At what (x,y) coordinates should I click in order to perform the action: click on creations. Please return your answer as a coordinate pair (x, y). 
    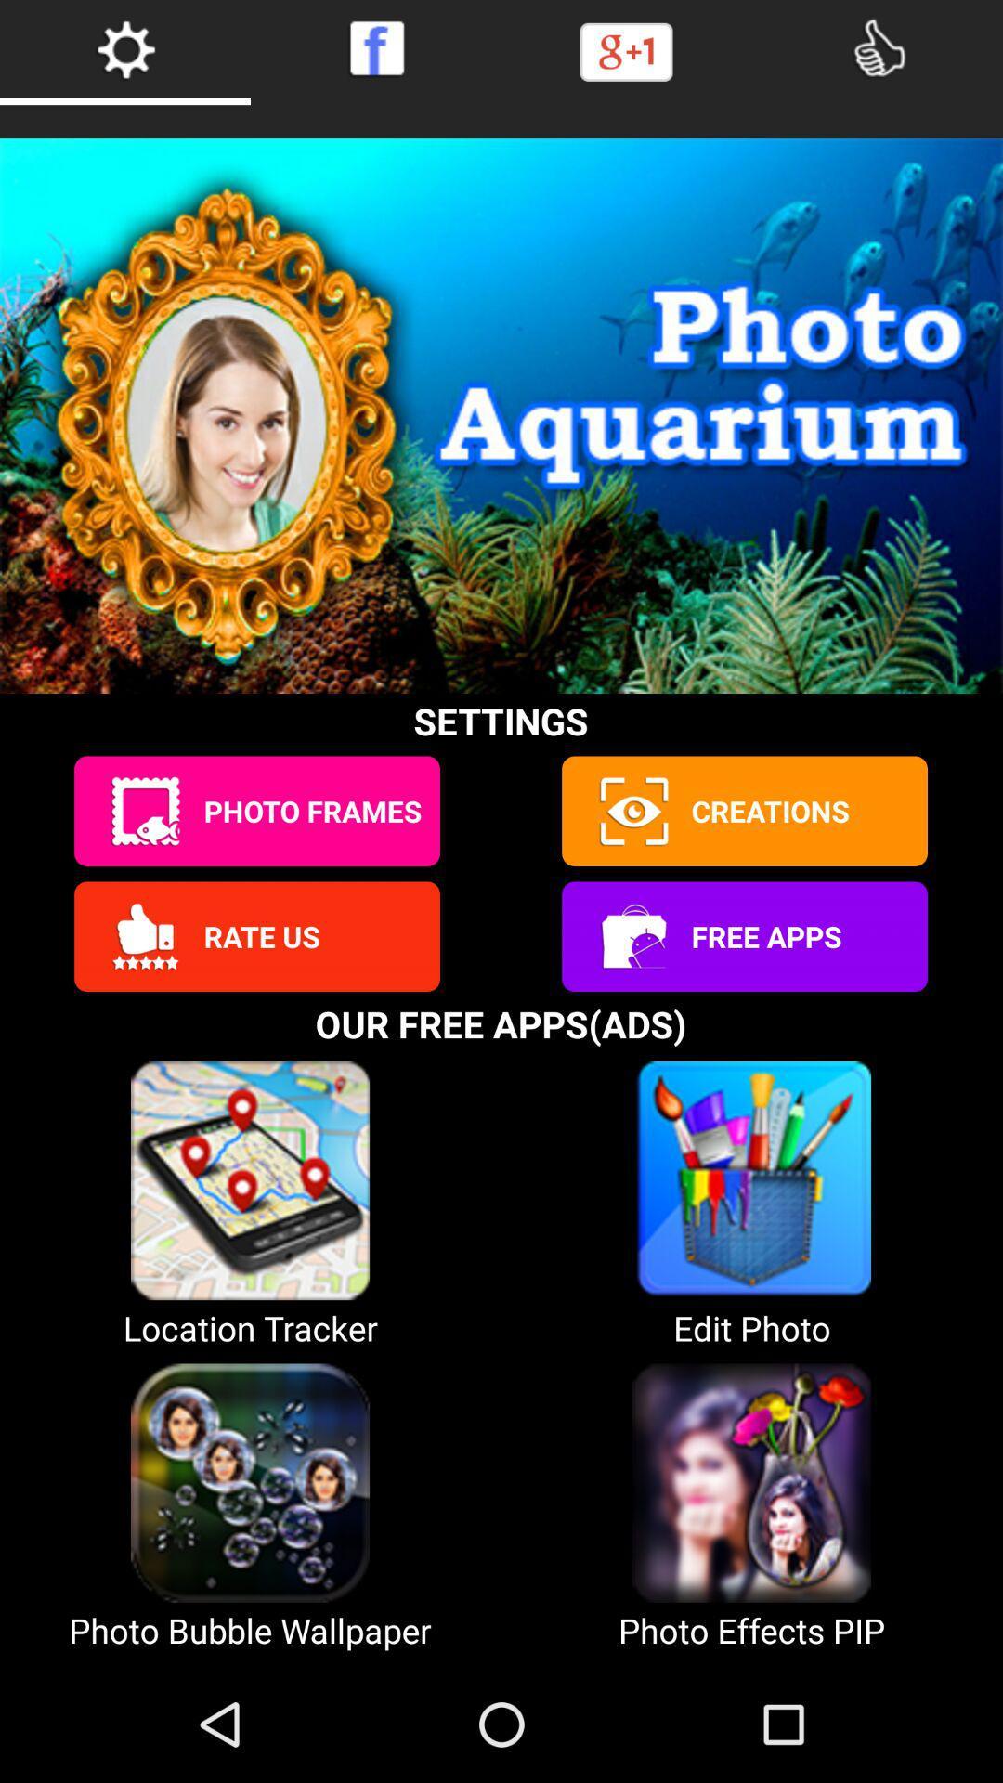
    Looking at the image, I should click on (632, 811).